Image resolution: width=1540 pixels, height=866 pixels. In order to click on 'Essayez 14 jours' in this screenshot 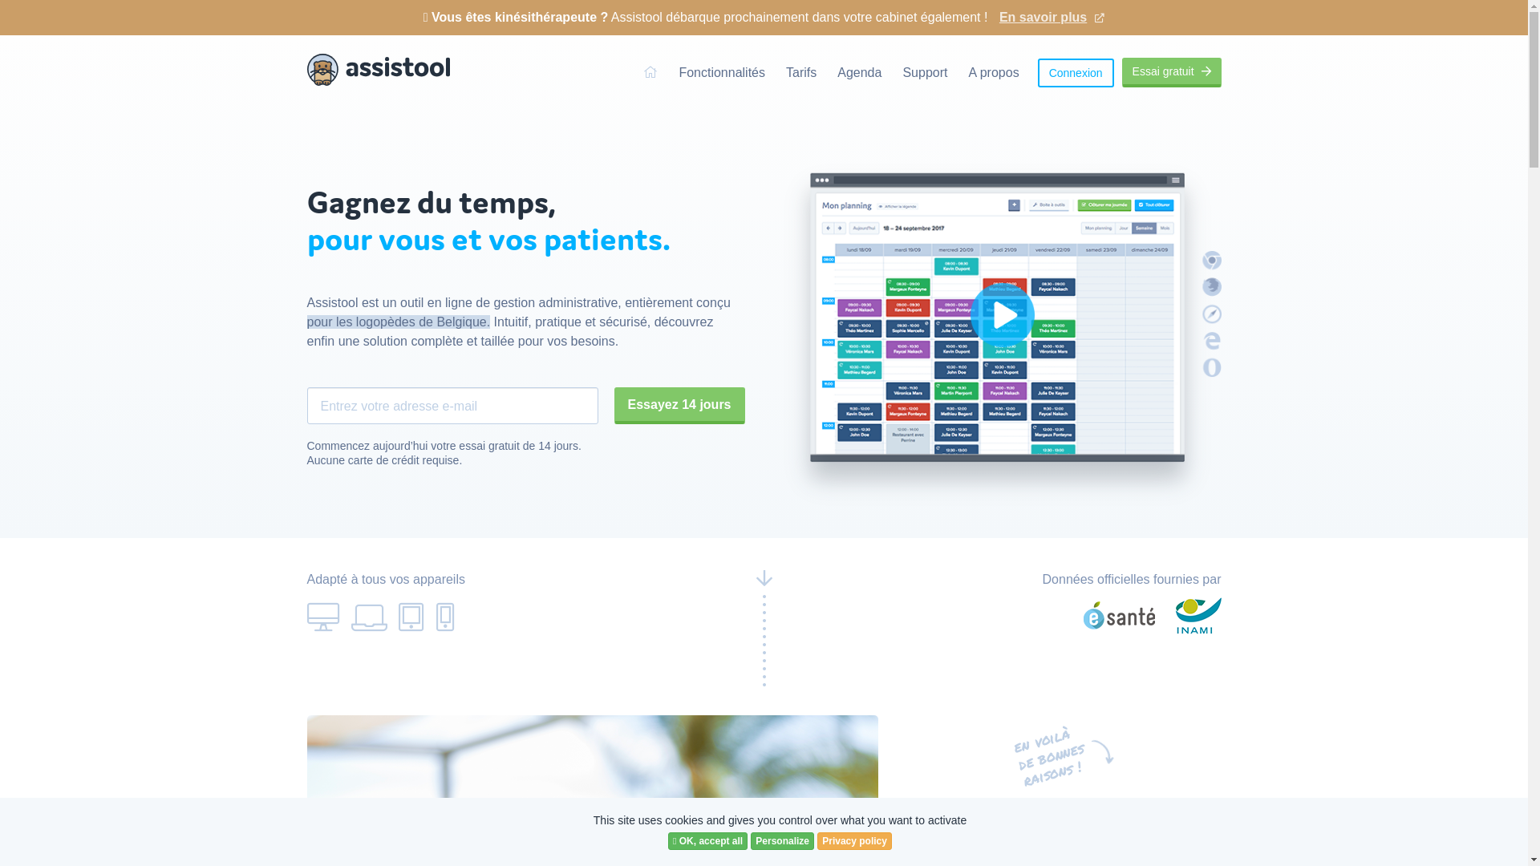, I will do `click(679, 404)`.